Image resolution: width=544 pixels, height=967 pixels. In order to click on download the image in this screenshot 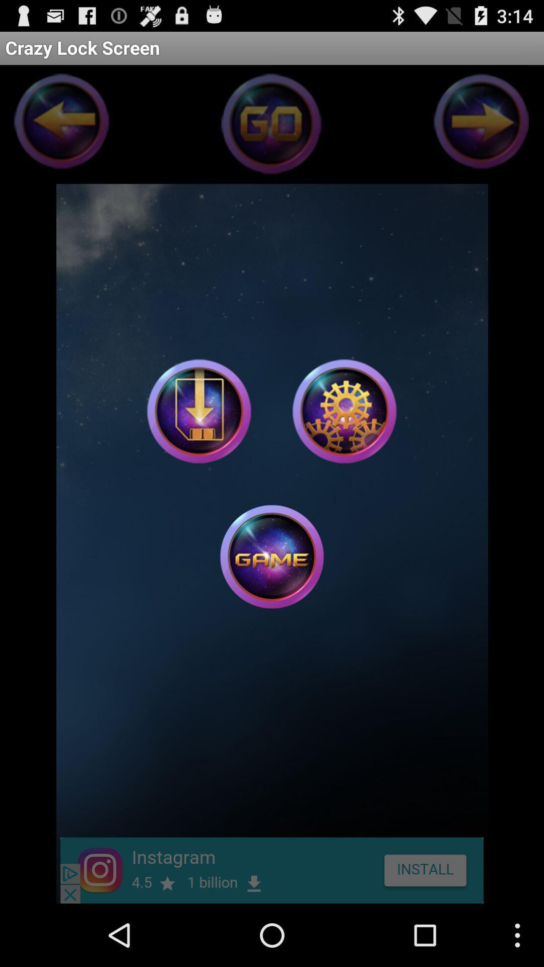, I will do `click(199, 411)`.